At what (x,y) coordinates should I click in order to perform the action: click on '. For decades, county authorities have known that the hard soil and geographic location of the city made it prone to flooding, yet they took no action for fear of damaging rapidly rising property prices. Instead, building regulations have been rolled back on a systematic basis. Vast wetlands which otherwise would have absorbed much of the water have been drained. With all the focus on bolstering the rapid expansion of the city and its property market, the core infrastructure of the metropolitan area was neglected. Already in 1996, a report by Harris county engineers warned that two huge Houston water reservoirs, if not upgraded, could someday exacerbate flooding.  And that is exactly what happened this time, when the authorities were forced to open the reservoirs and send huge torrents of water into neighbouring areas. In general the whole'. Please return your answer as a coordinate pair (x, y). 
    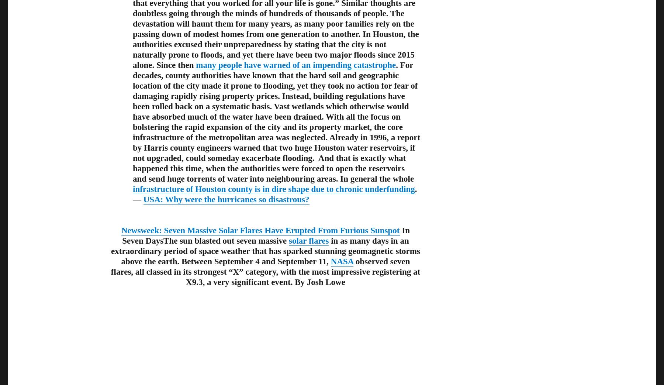
    Looking at the image, I should click on (276, 121).